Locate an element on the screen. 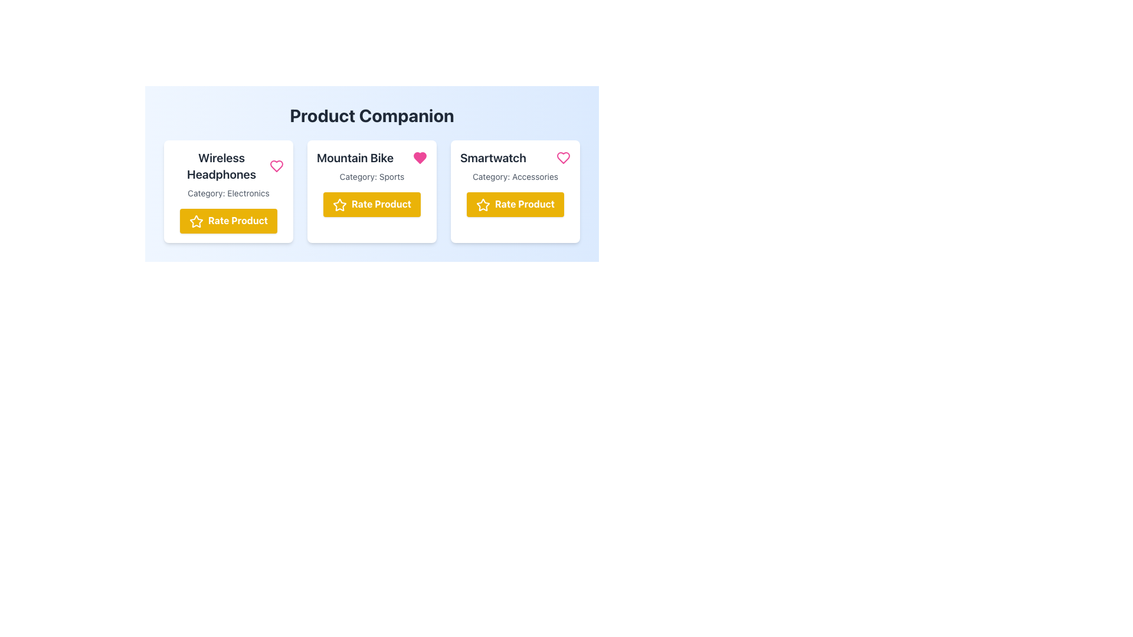  the pink heart icon outlined with a white center, located next to the text 'Wireless Headphones' is located at coordinates (276, 166).